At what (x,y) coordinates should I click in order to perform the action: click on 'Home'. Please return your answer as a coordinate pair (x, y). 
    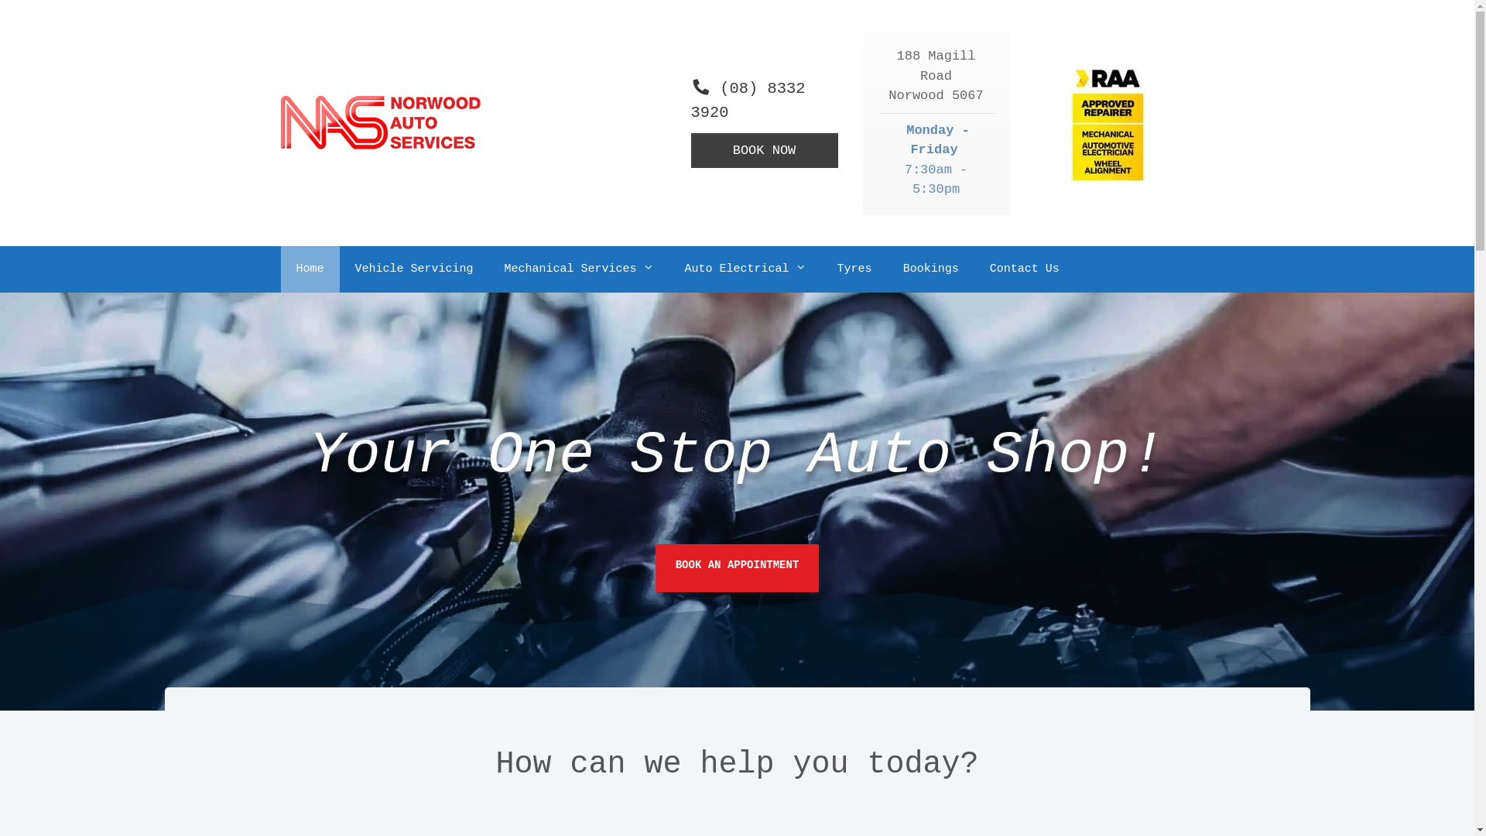
    Looking at the image, I should click on (309, 268).